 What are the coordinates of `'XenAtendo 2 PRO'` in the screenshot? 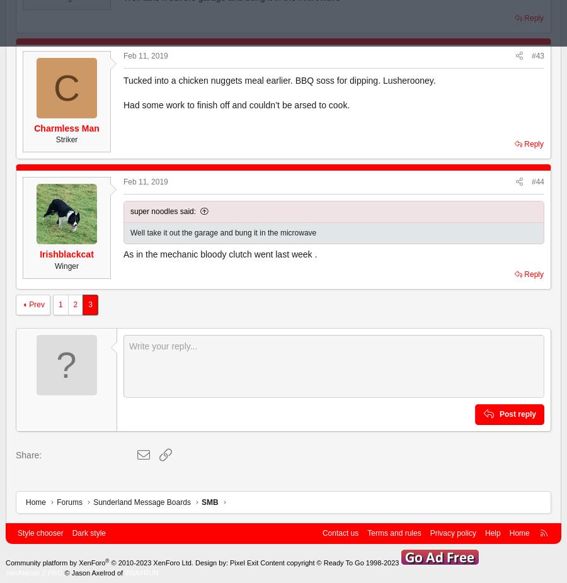 It's located at (33, 572).